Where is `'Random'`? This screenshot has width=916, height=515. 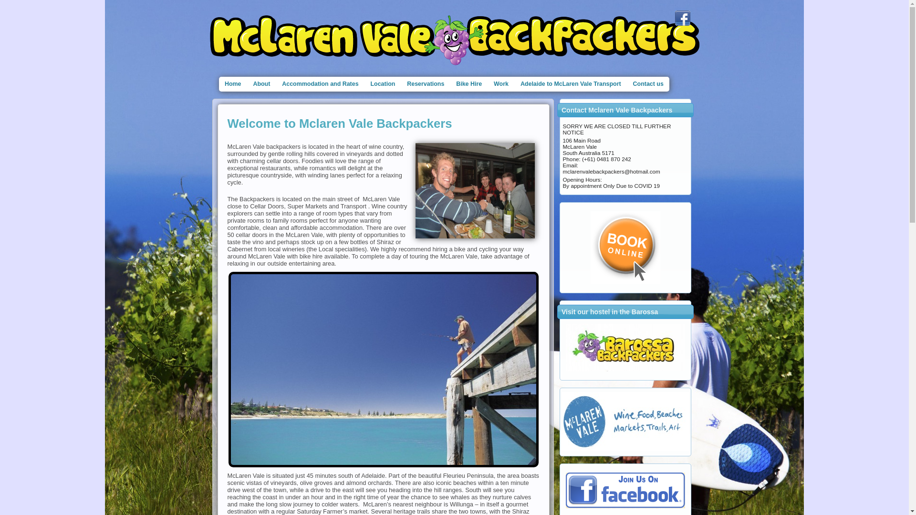
'Random' is located at coordinates (625, 348).